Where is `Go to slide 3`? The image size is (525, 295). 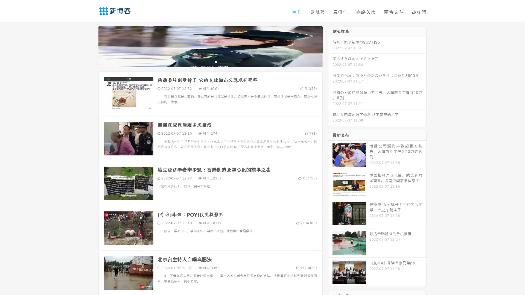
Go to slide 3 is located at coordinates (216, 61).